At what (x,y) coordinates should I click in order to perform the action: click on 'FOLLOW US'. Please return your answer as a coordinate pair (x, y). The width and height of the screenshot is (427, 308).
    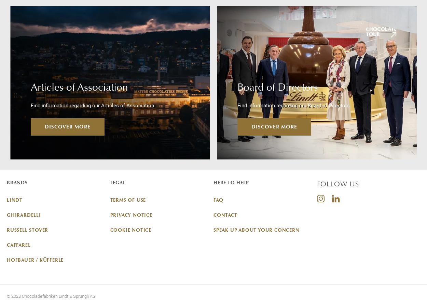
    Looking at the image, I should click on (337, 184).